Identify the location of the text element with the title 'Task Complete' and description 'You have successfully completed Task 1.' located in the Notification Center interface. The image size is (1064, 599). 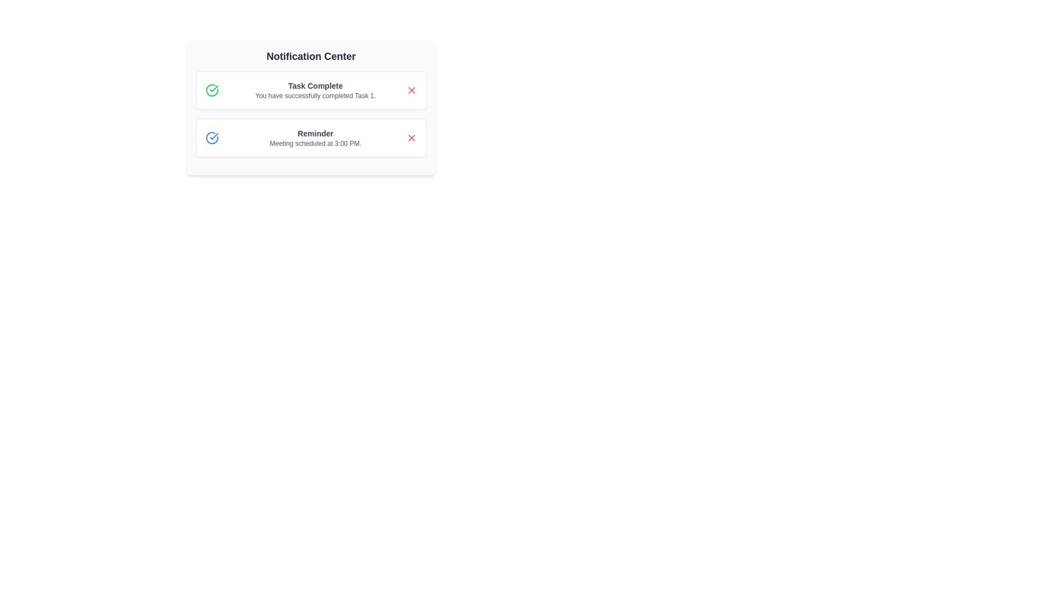
(315, 89).